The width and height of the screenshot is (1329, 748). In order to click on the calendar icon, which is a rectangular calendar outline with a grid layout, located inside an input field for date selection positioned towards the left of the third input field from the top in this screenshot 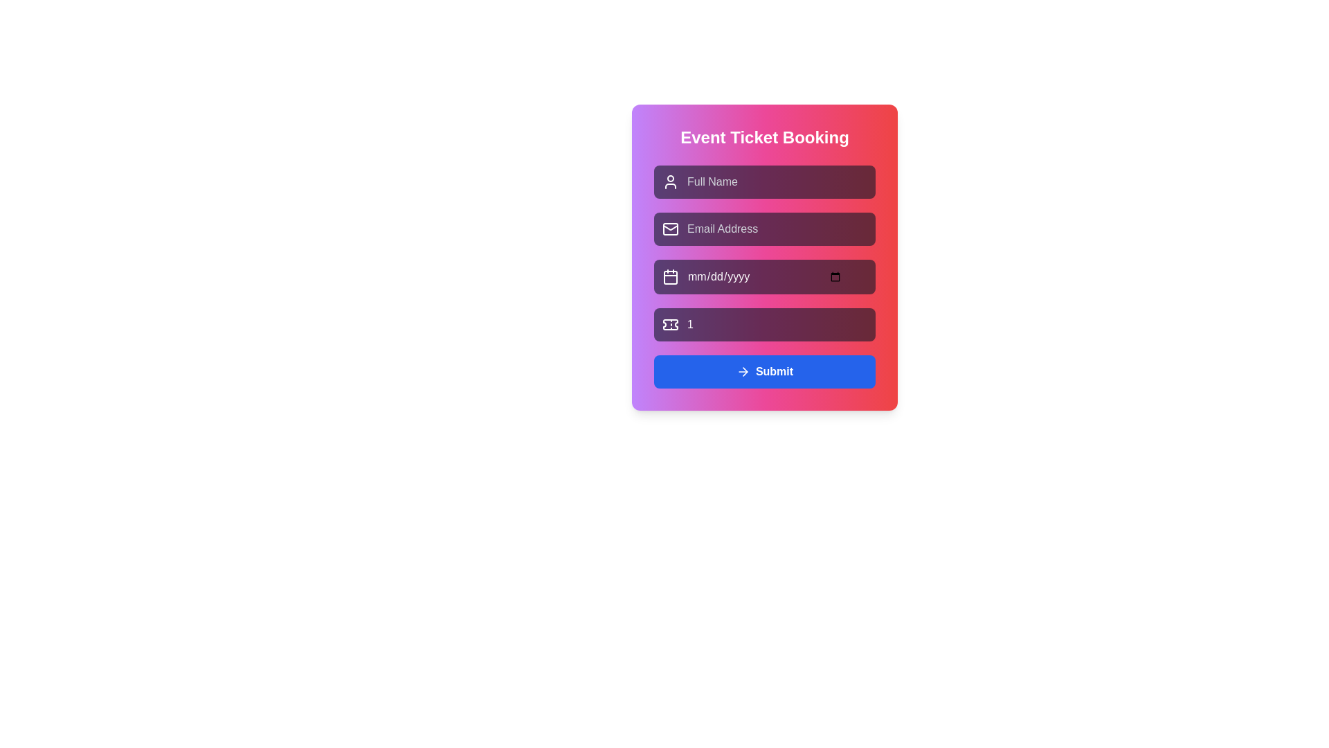, I will do `click(671, 277)`.